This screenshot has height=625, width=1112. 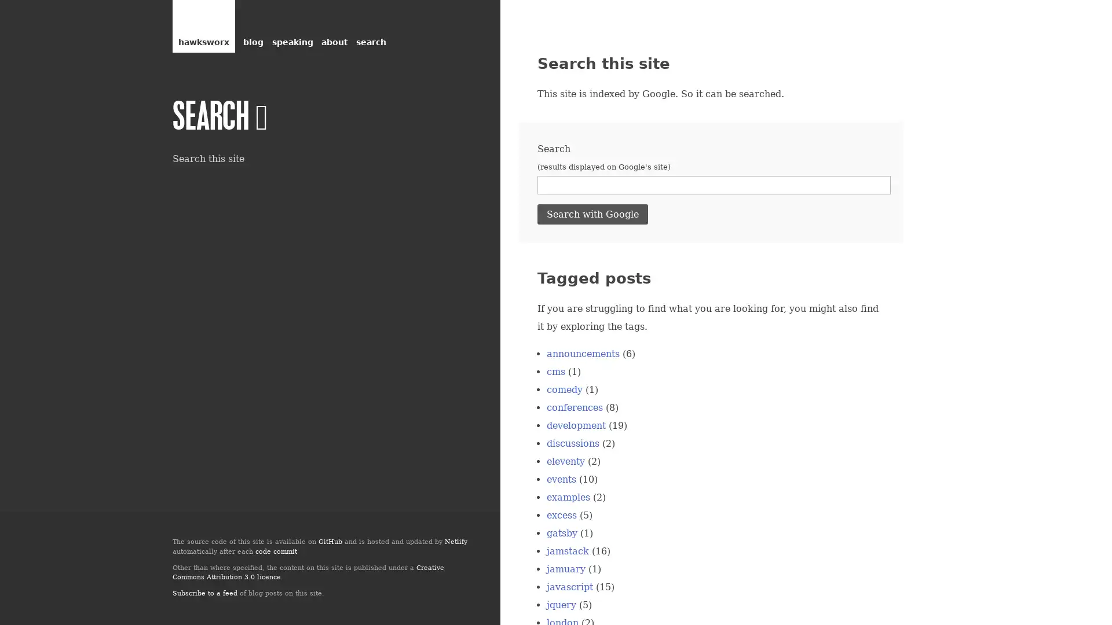 I want to click on Search with Google, so click(x=592, y=214).